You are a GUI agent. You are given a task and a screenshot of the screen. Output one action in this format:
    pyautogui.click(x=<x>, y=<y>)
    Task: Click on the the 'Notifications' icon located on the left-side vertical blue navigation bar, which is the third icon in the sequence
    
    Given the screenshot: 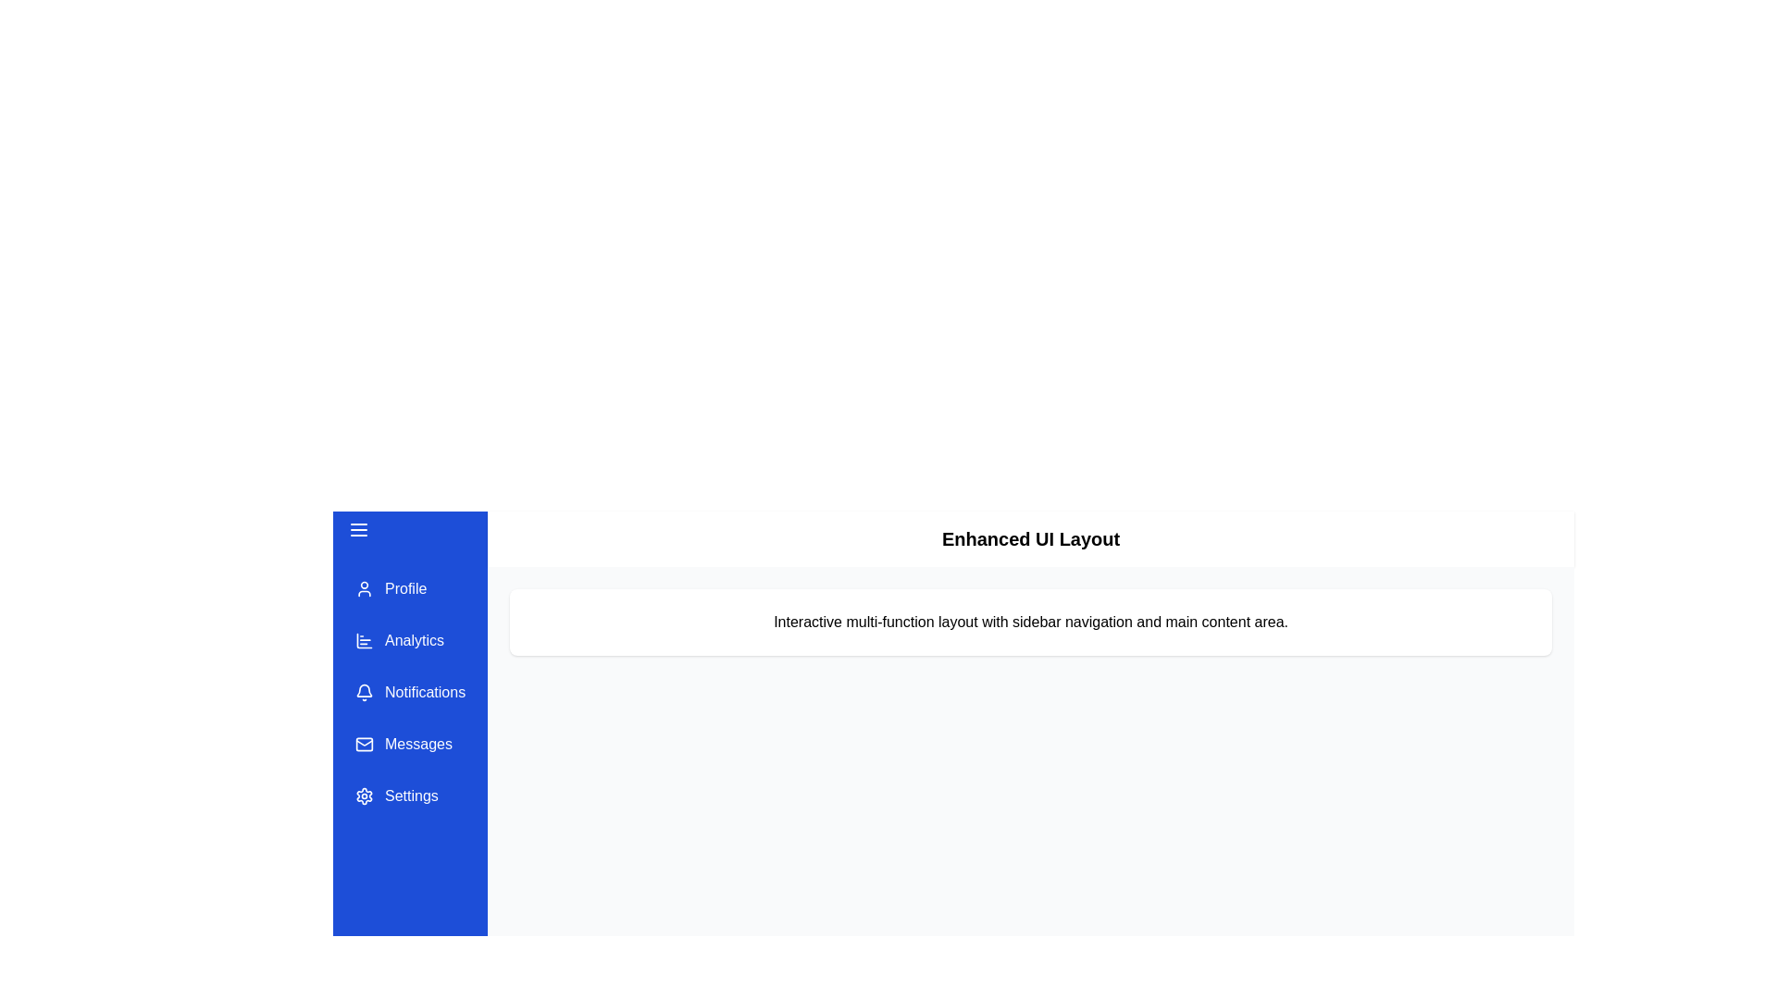 What is the action you would take?
    pyautogui.click(x=364, y=692)
    